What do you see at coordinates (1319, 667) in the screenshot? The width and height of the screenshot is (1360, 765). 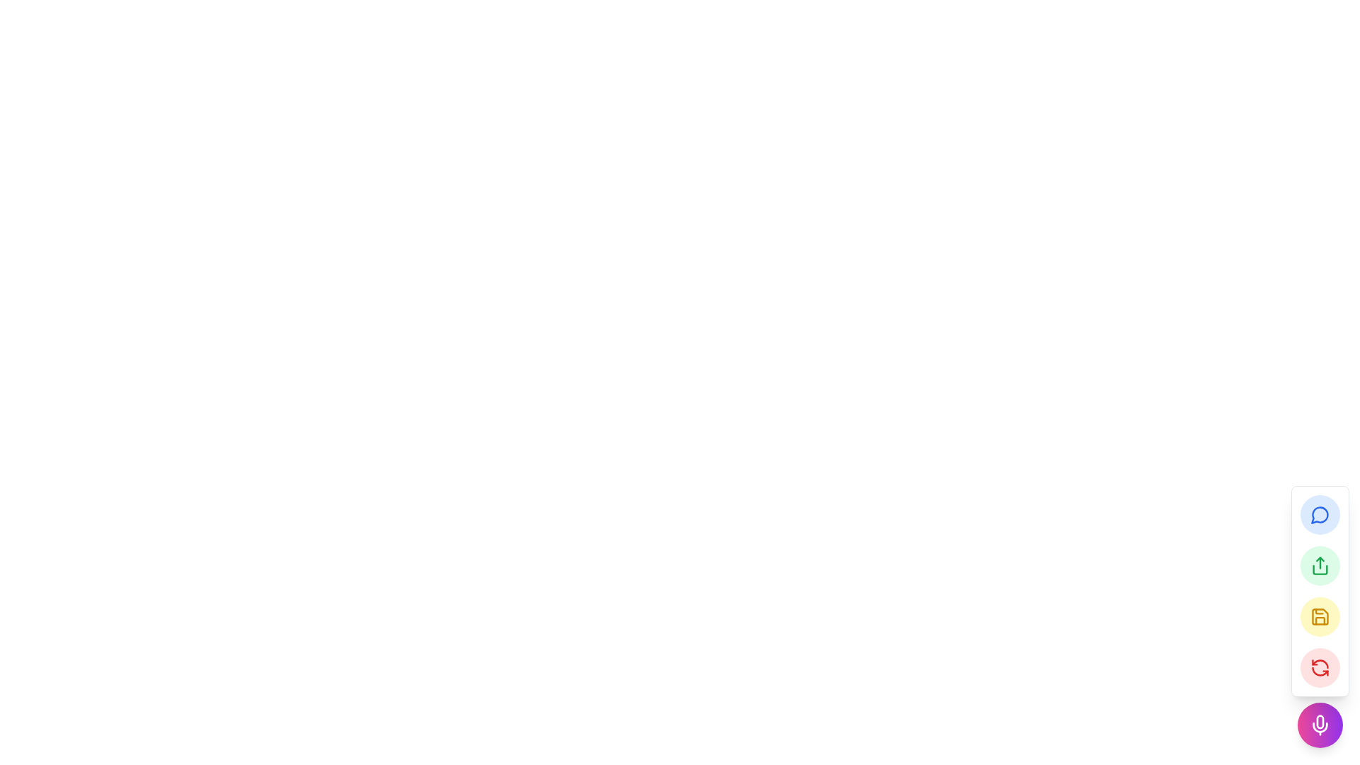 I see `the circular refresh button with a red background located at the bottom right corner of the interface` at bounding box center [1319, 667].